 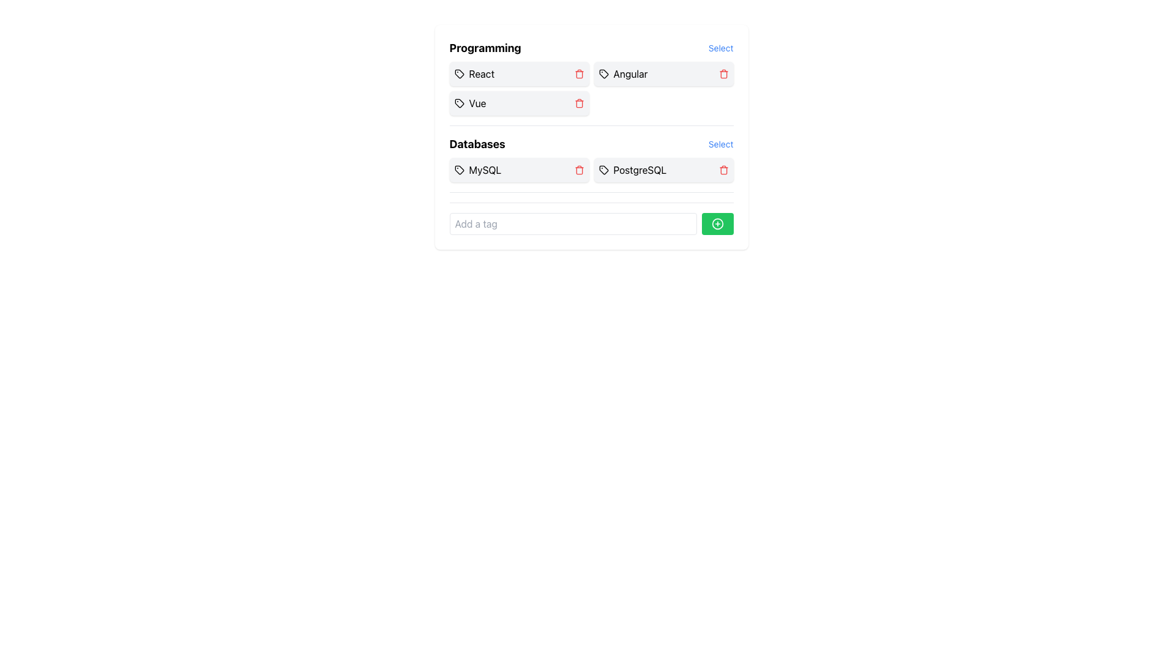 I want to click on the decorative tag icon representing 'Angular', located in the 'Programming' section, directly to the left of the text 'Angular', so click(x=603, y=73).